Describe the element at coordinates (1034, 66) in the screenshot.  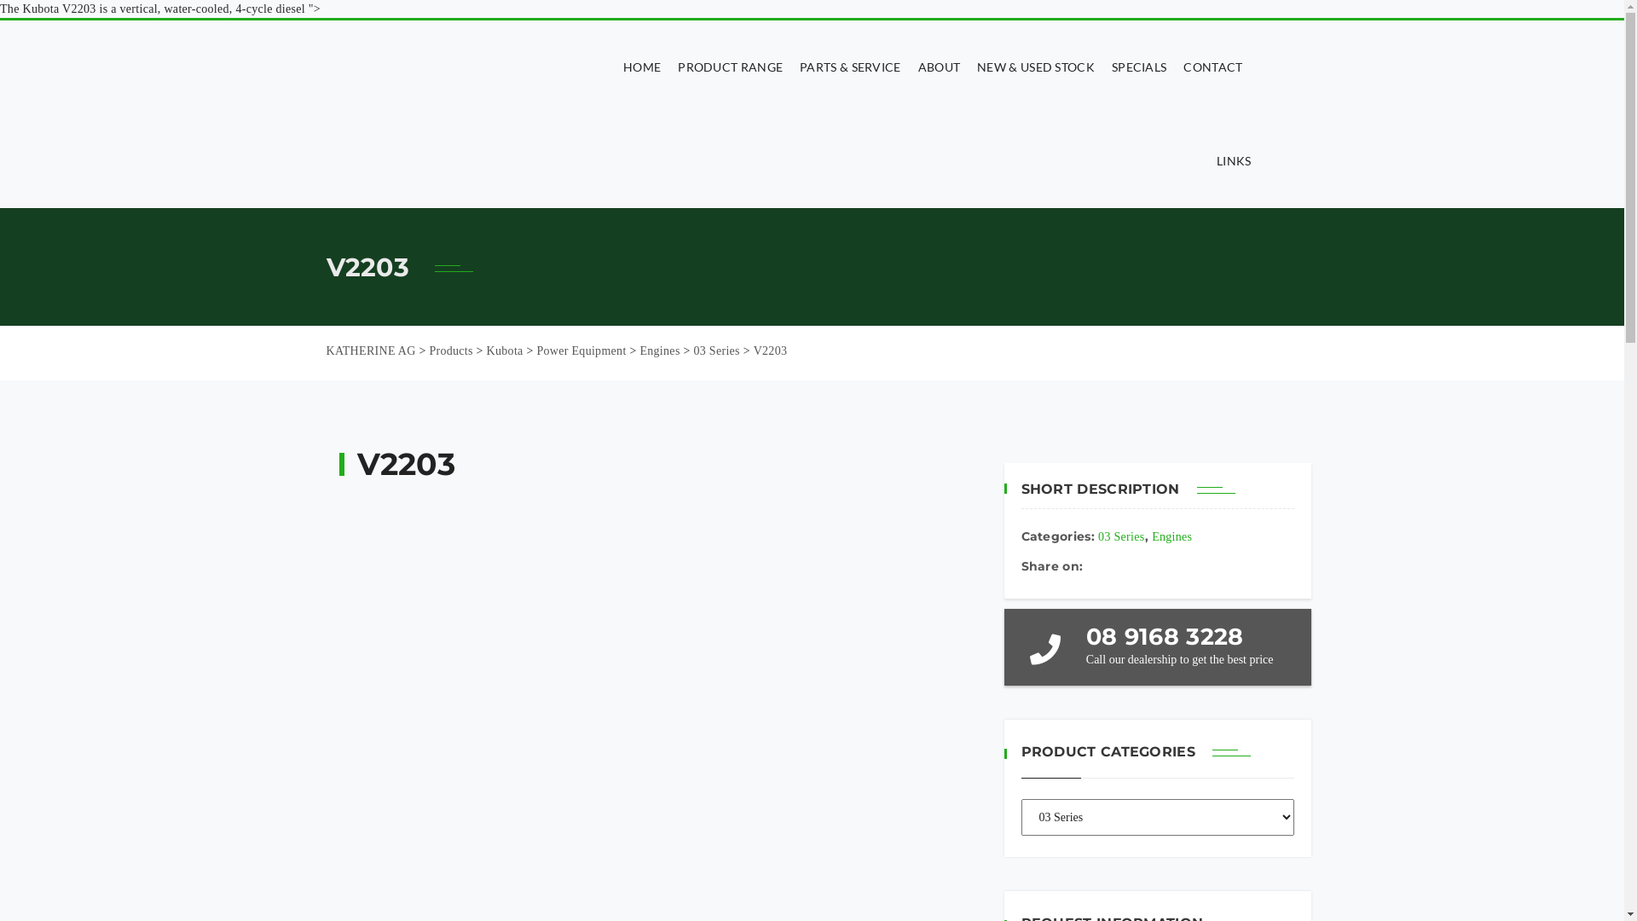
I see `'NEW & USED STOCK'` at that location.